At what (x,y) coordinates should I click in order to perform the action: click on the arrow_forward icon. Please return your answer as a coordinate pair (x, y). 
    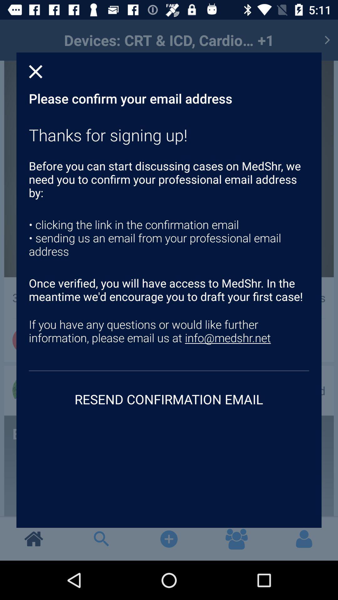
    Looking at the image, I should click on (327, 40).